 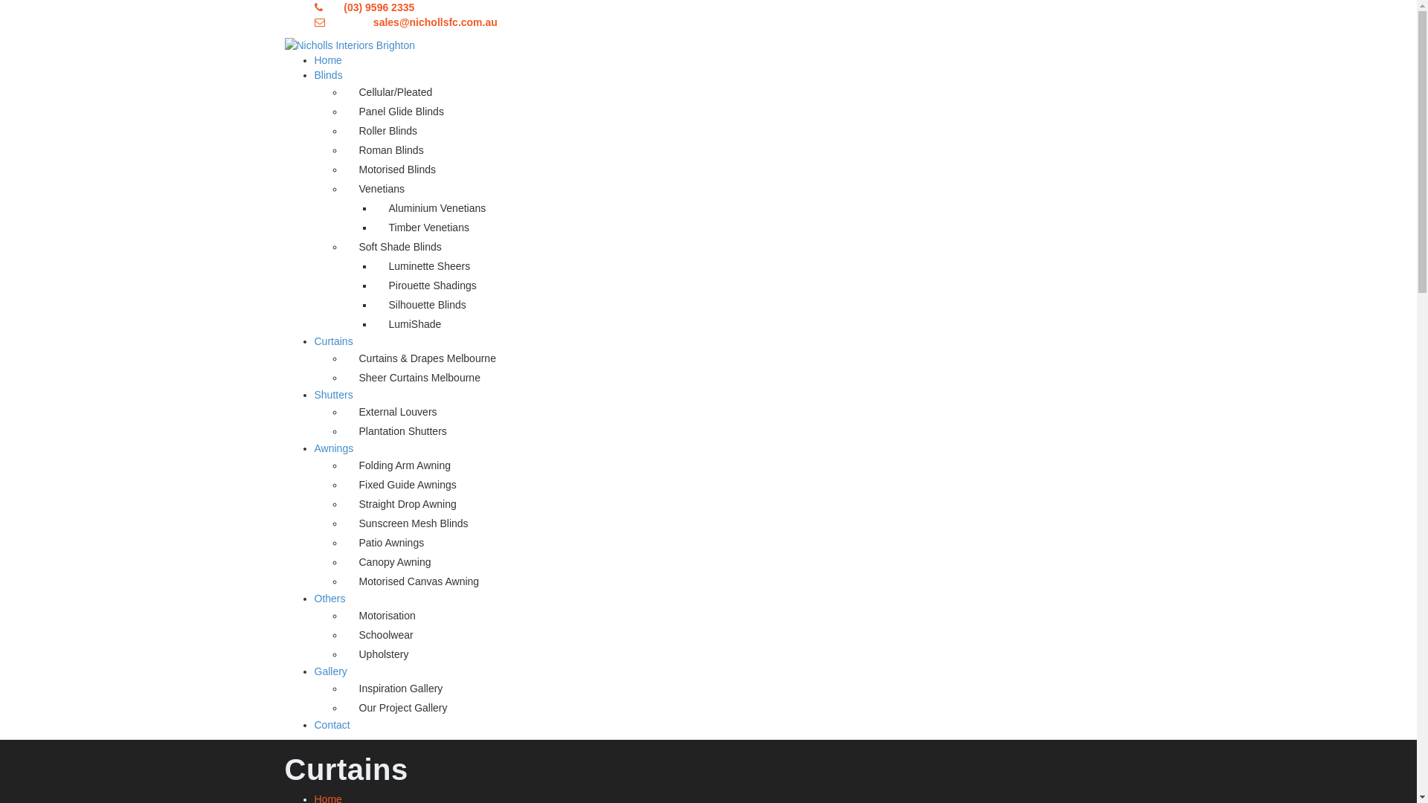 I want to click on 'LumiShade', so click(x=373, y=323).